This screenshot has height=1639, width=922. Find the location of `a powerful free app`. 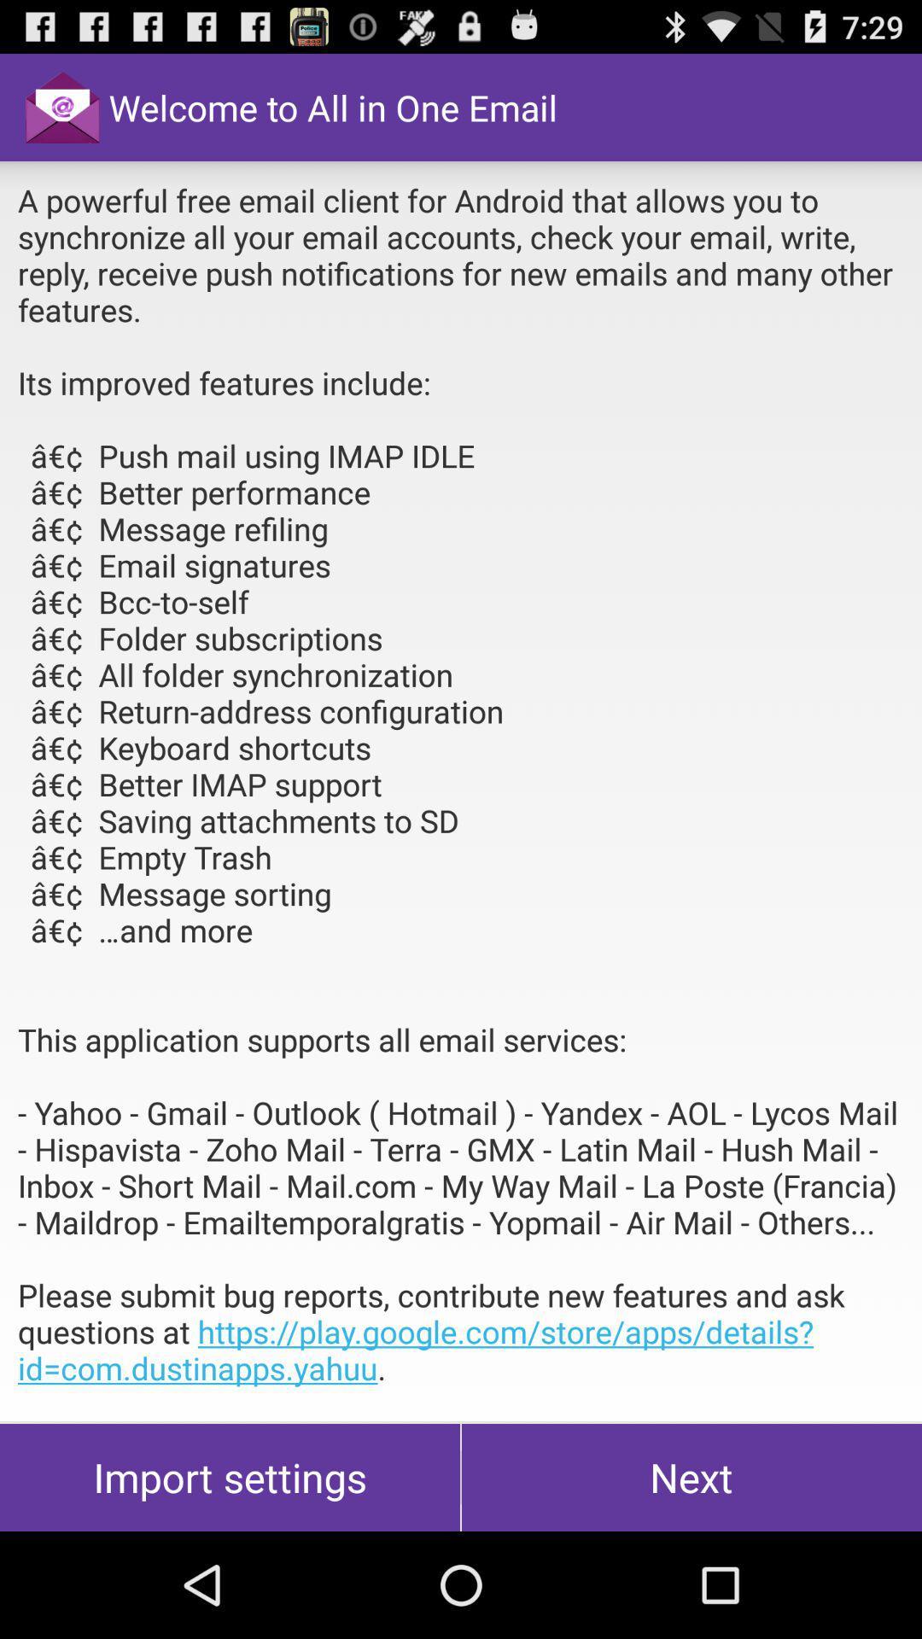

a powerful free app is located at coordinates (461, 790).